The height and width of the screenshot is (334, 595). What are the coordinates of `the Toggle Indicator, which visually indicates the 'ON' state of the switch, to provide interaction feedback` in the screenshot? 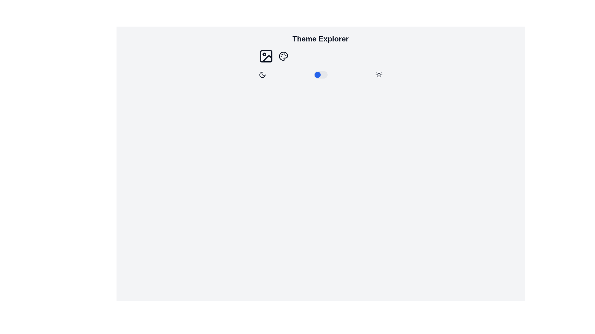 It's located at (317, 75).